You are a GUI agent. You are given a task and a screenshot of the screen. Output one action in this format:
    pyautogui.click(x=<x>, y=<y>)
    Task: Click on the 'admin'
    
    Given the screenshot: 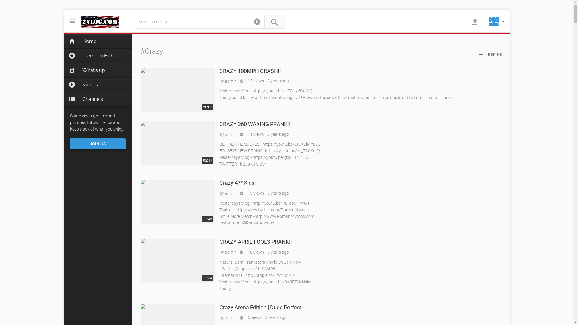 What is the action you would take?
    pyautogui.click(x=230, y=81)
    